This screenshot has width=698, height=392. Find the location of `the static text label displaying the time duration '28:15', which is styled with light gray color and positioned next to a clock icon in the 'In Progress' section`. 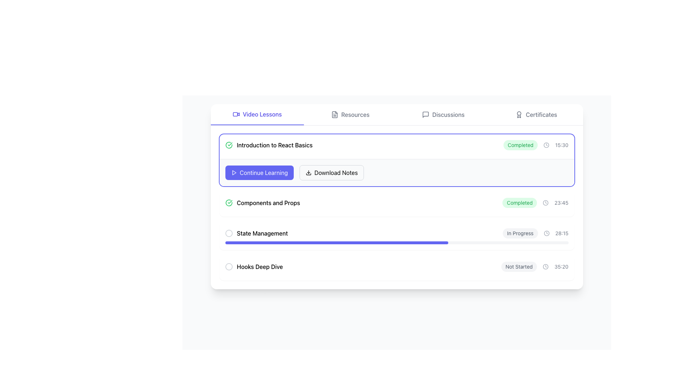

the static text label displaying the time duration '28:15', which is styled with light gray color and positioned next to a clock icon in the 'In Progress' section is located at coordinates (561, 233).